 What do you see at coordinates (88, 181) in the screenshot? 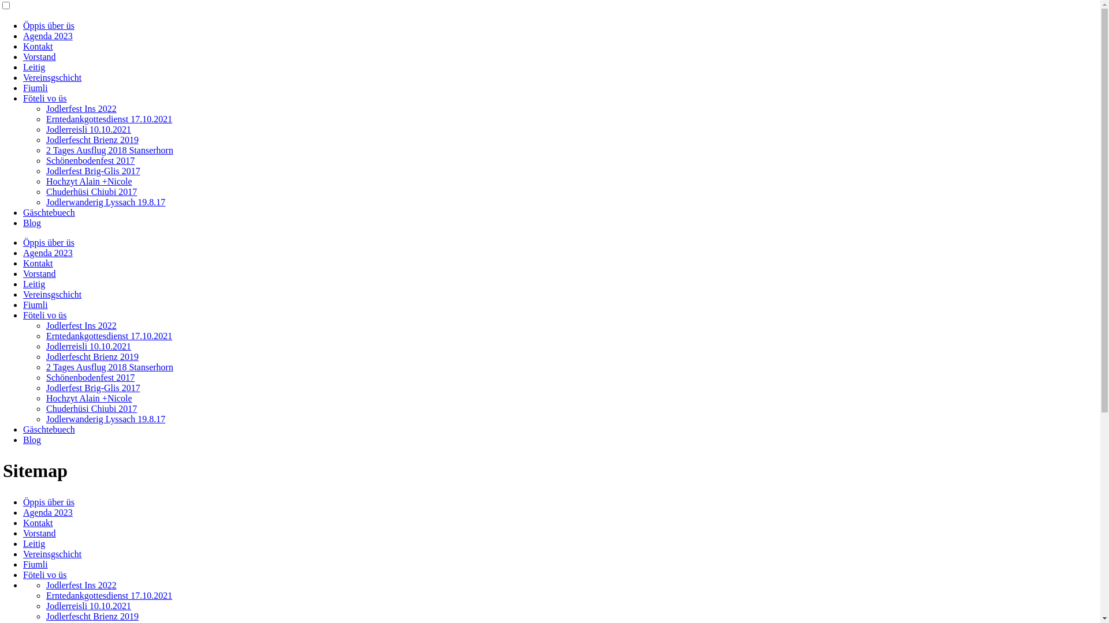
I see `'Hochzyt Alain +Nicole'` at bounding box center [88, 181].